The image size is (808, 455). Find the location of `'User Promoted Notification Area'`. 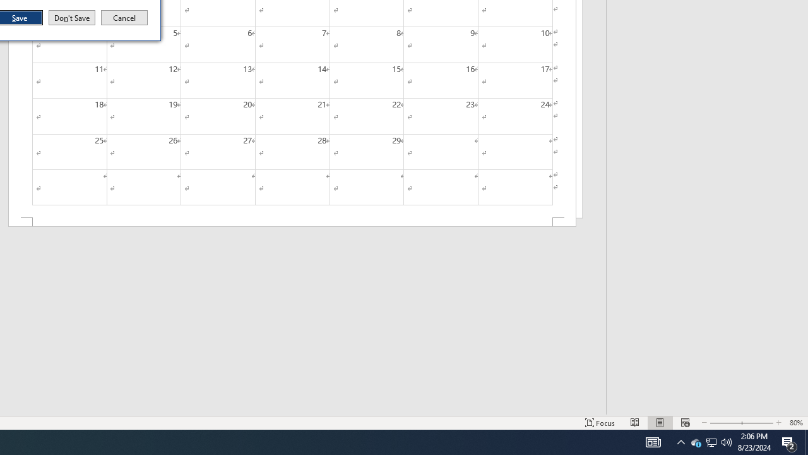

'User Promoted Notification Area' is located at coordinates (711, 441).